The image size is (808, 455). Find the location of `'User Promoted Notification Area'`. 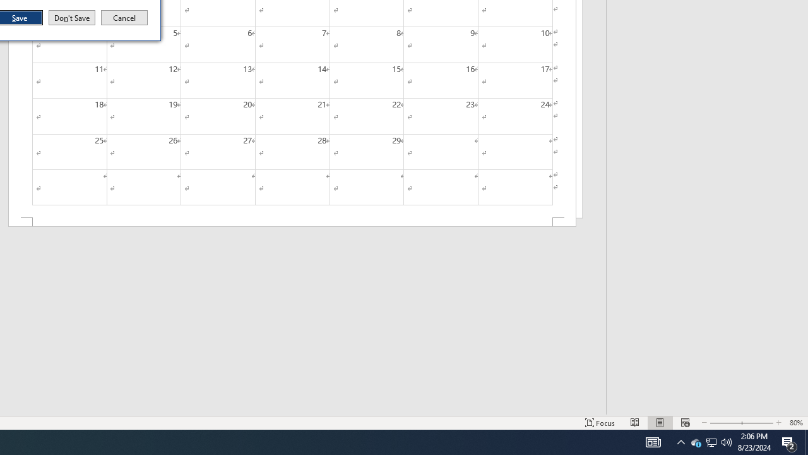

'User Promoted Notification Area' is located at coordinates (711, 441).